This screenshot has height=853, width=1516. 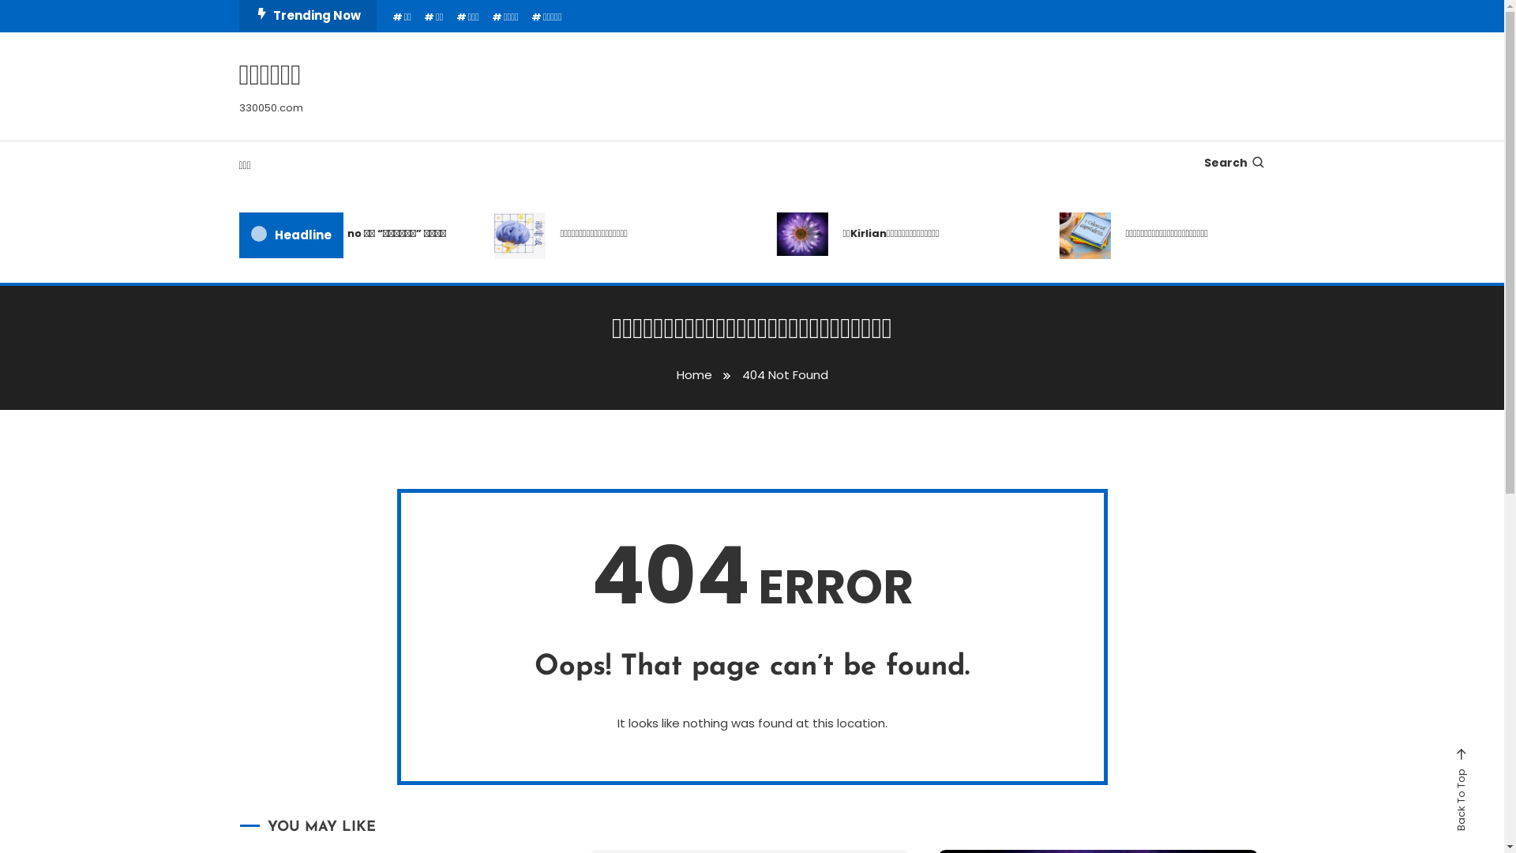 I want to click on 'Search', so click(x=802, y=453).